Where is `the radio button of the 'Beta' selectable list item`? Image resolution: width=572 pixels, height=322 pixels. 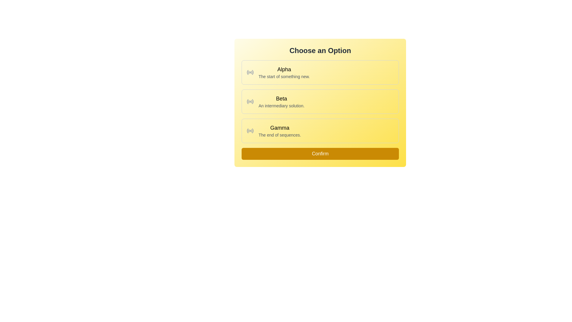
the radio button of the 'Beta' selectable list item is located at coordinates (320, 102).